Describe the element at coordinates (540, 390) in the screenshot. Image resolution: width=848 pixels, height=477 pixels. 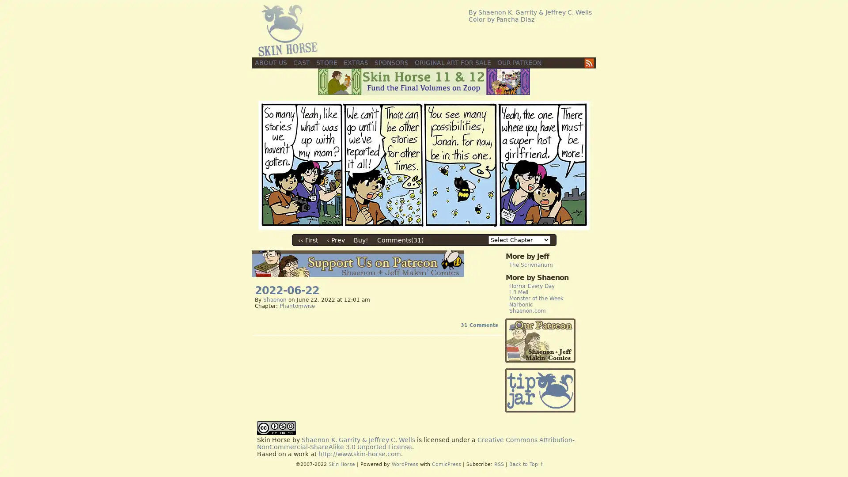
I see `PayPal - The safer, easier way to pay online!` at that location.